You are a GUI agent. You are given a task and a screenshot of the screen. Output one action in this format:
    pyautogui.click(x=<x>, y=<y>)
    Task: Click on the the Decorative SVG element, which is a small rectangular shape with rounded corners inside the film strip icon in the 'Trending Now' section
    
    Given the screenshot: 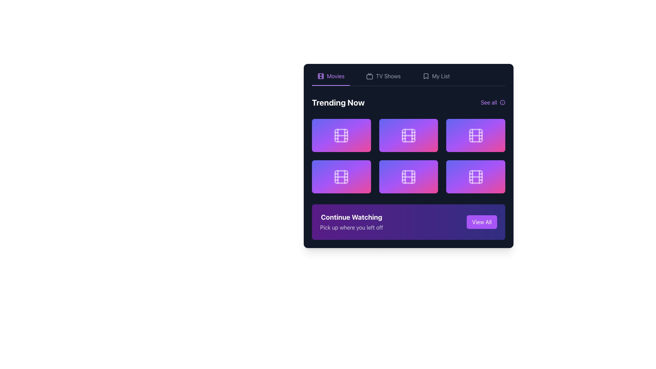 What is the action you would take?
    pyautogui.click(x=408, y=135)
    